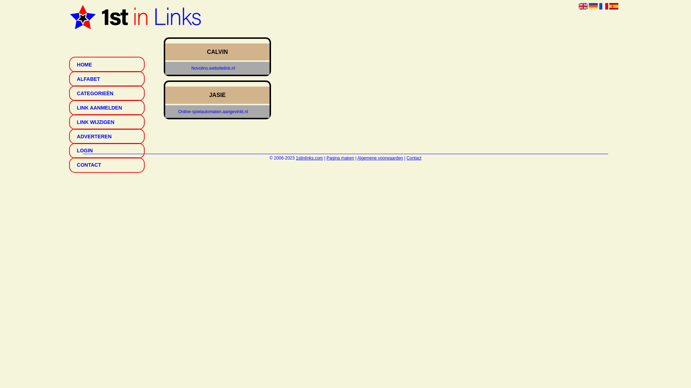 Image resolution: width=691 pixels, height=388 pixels. What do you see at coordinates (107, 107) in the screenshot?
I see `'LINK AANMELDEN'` at bounding box center [107, 107].